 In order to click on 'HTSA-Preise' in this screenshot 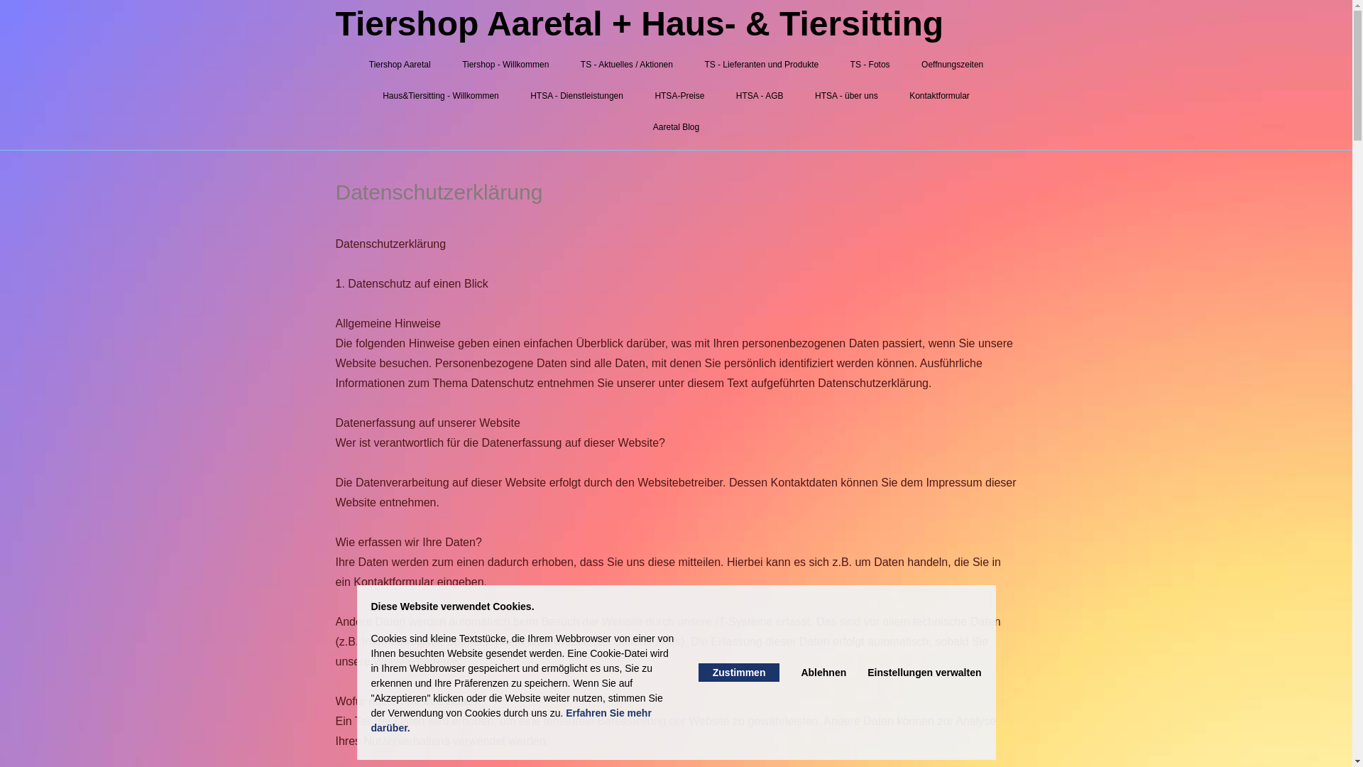, I will do `click(678, 96)`.